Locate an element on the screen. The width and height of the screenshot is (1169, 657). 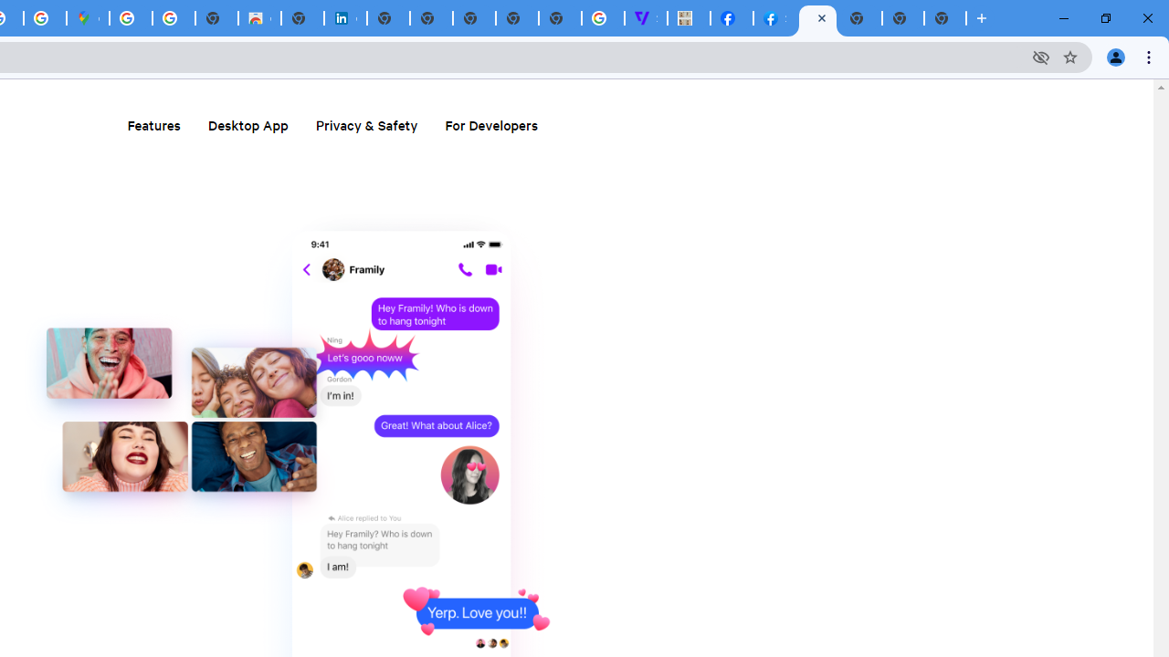
'Google Maps' is located at coordinates (87, 18).